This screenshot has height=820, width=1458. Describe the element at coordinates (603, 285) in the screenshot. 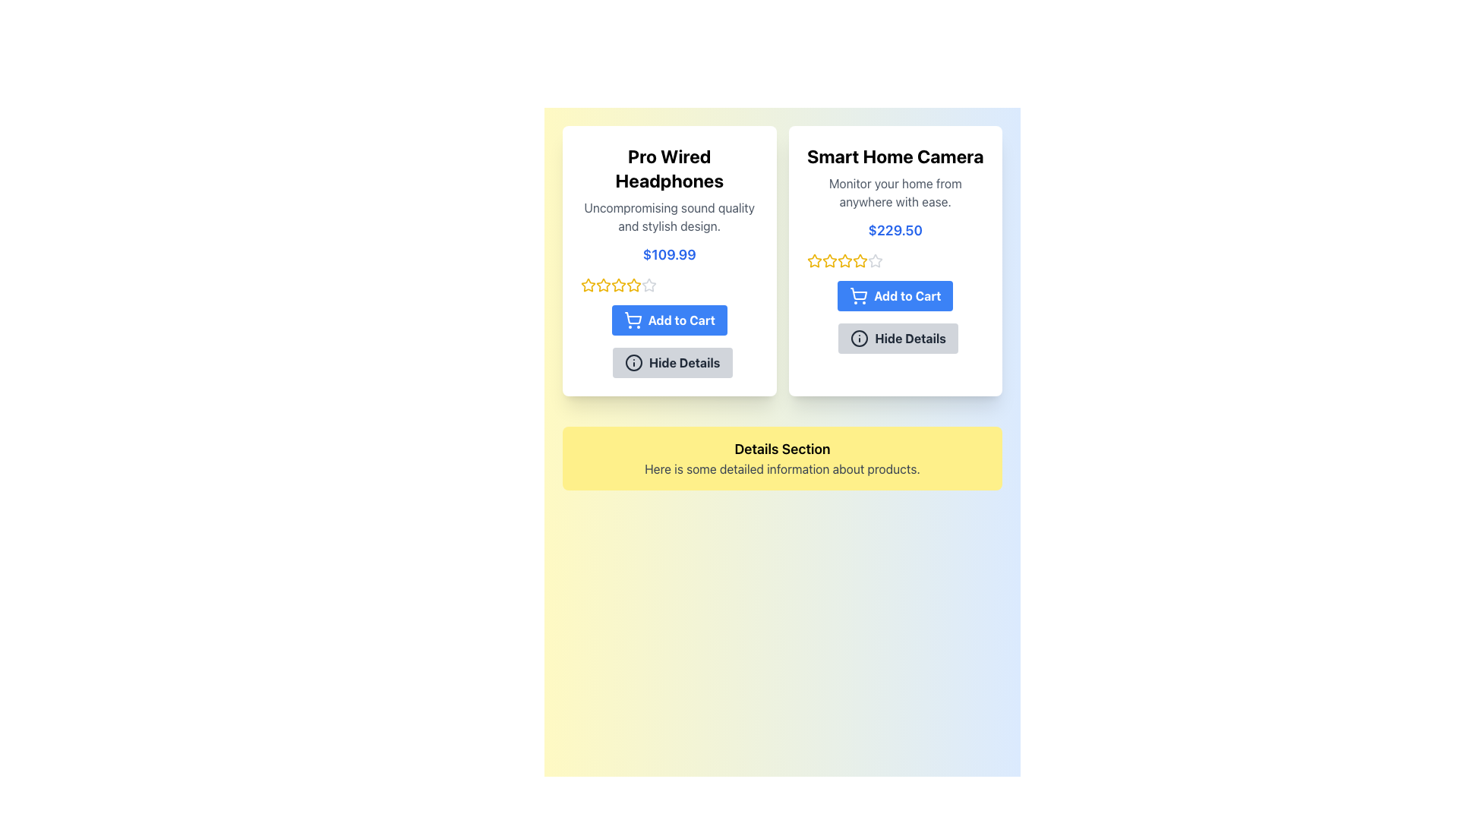

I see `the third star icon in the 6-star rating system for the 'Pro Wired Headphones' product` at that location.